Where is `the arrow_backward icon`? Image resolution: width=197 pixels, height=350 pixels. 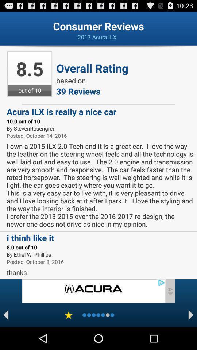
the arrow_backward icon is located at coordinates (5, 337).